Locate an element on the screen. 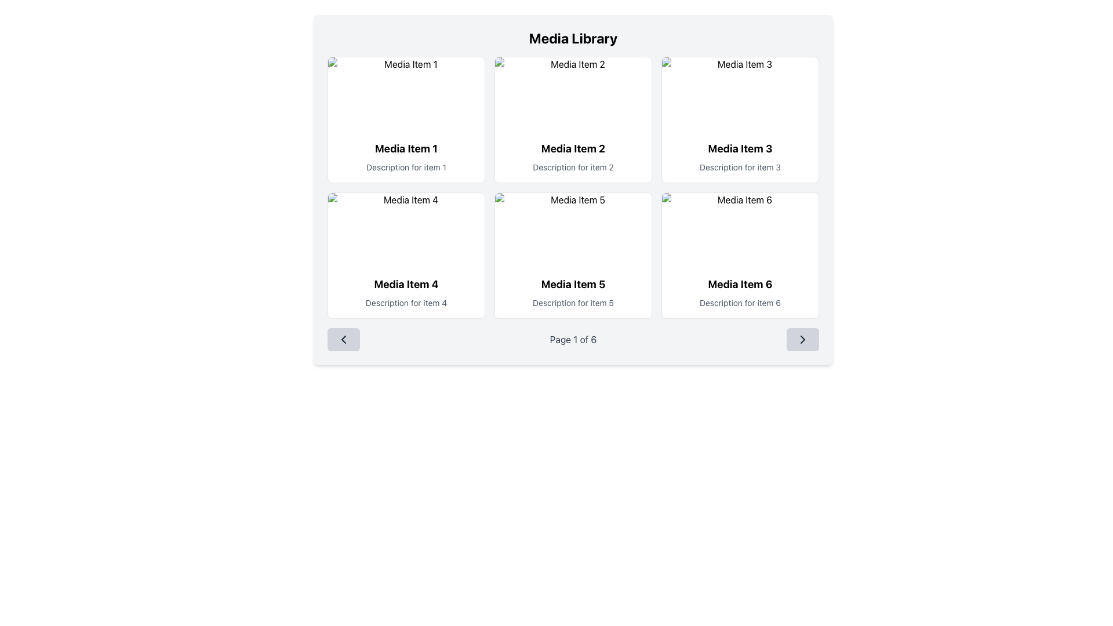 This screenshot has height=626, width=1113. the text label displaying the current page number (1) out of 6, located centrally in the footer bar between navigation controls is located at coordinates (573, 339).